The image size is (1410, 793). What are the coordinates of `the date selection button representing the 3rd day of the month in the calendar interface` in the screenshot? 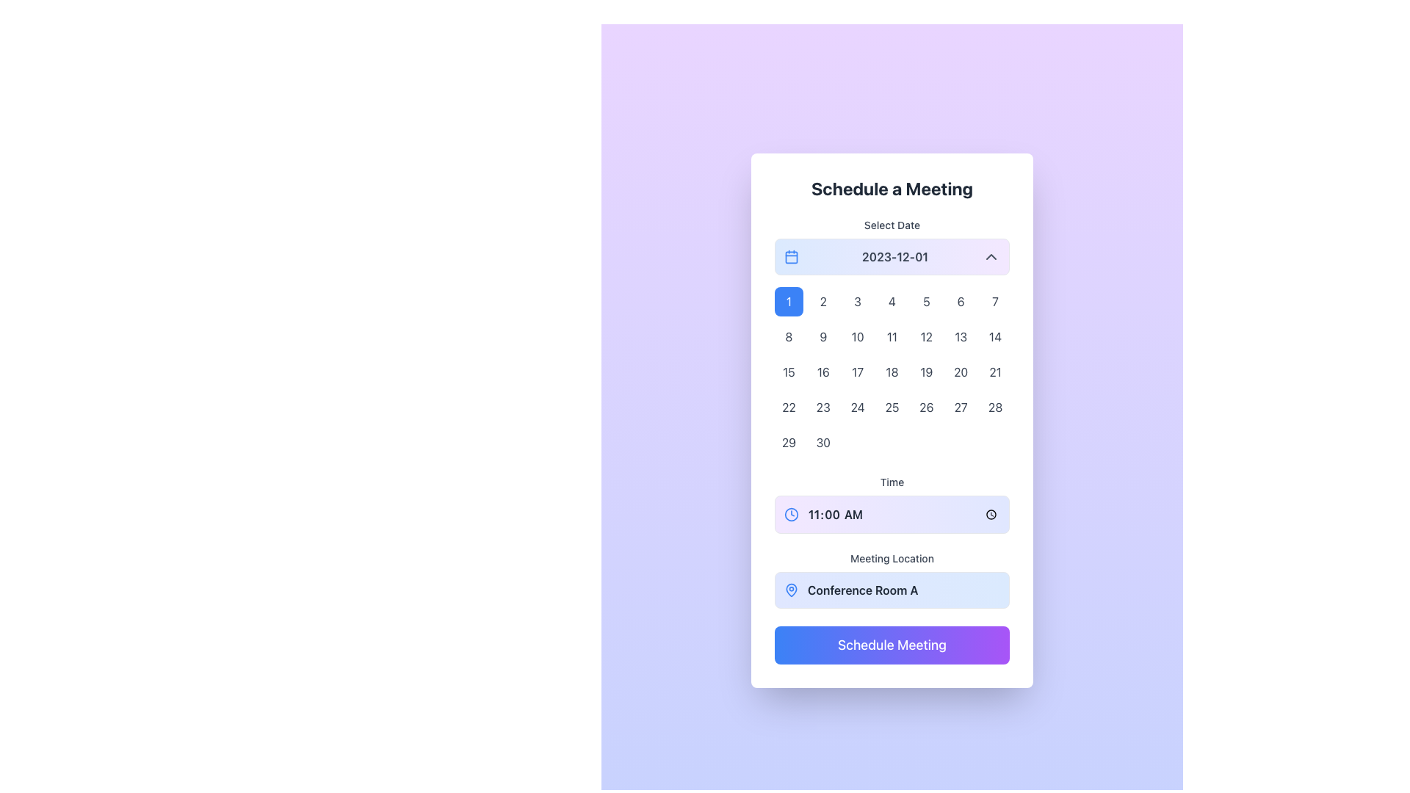 It's located at (857, 301).